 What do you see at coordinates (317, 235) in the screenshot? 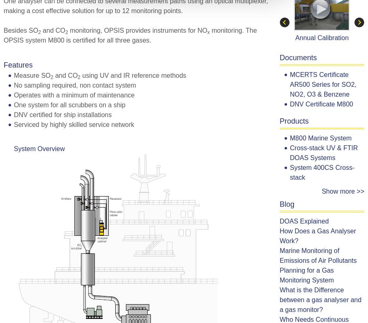
I see `'How Does a Gas Analyser Work?'` at bounding box center [317, 235].